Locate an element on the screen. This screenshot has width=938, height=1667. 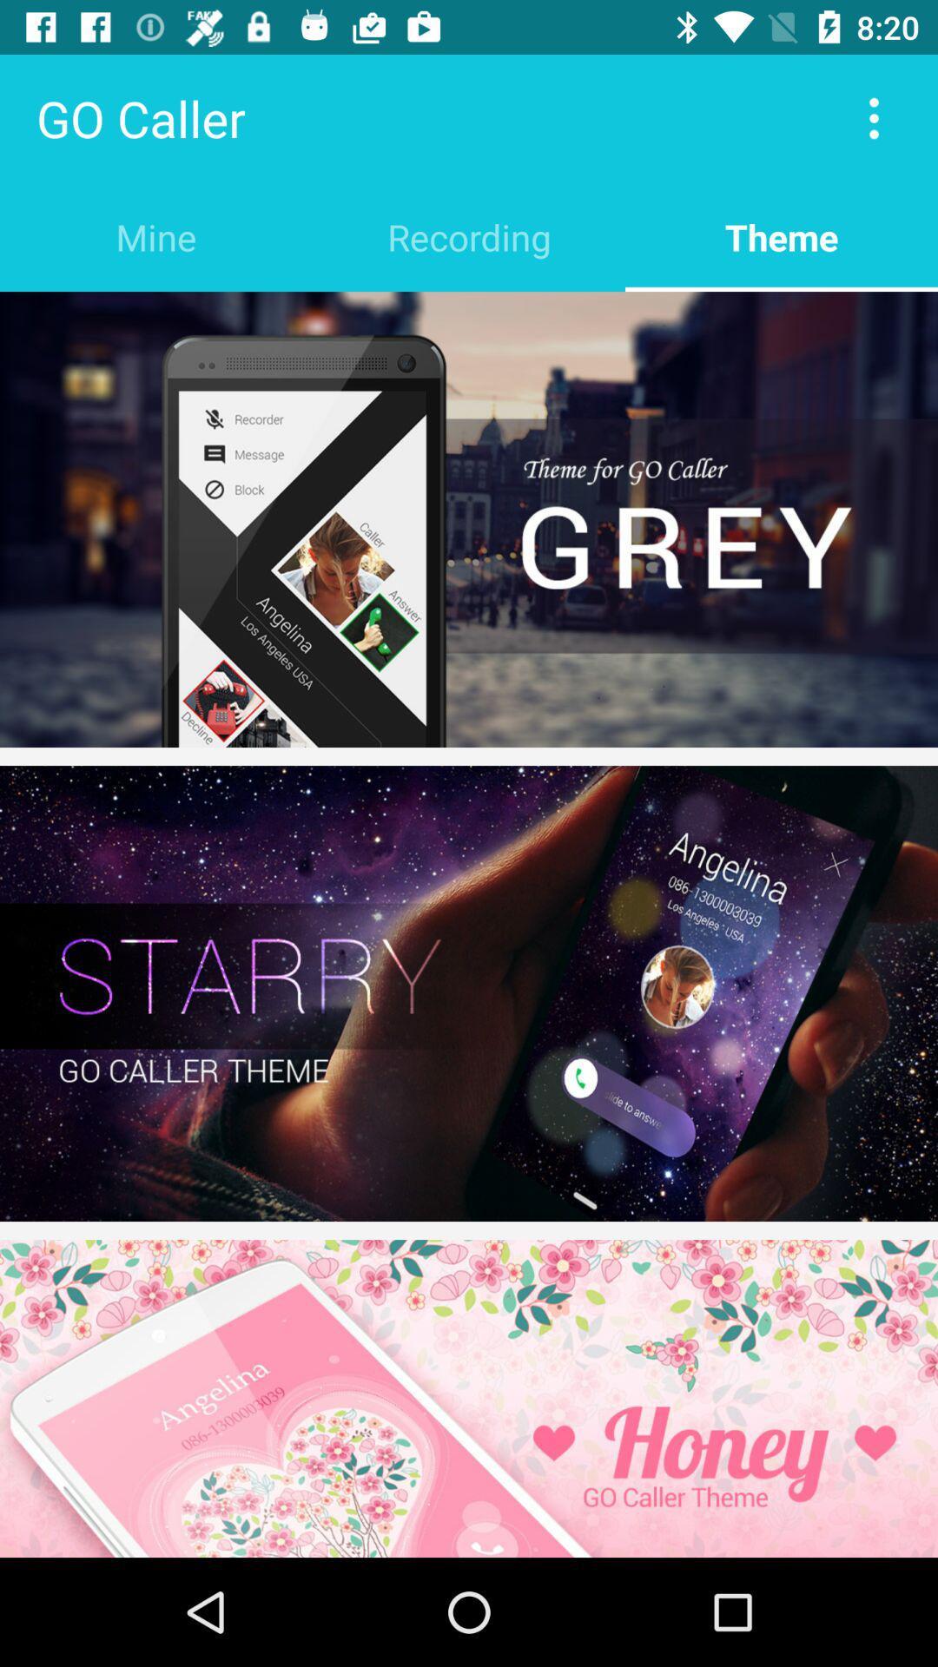
item above the theme icon is located at coordinates (874, 117).